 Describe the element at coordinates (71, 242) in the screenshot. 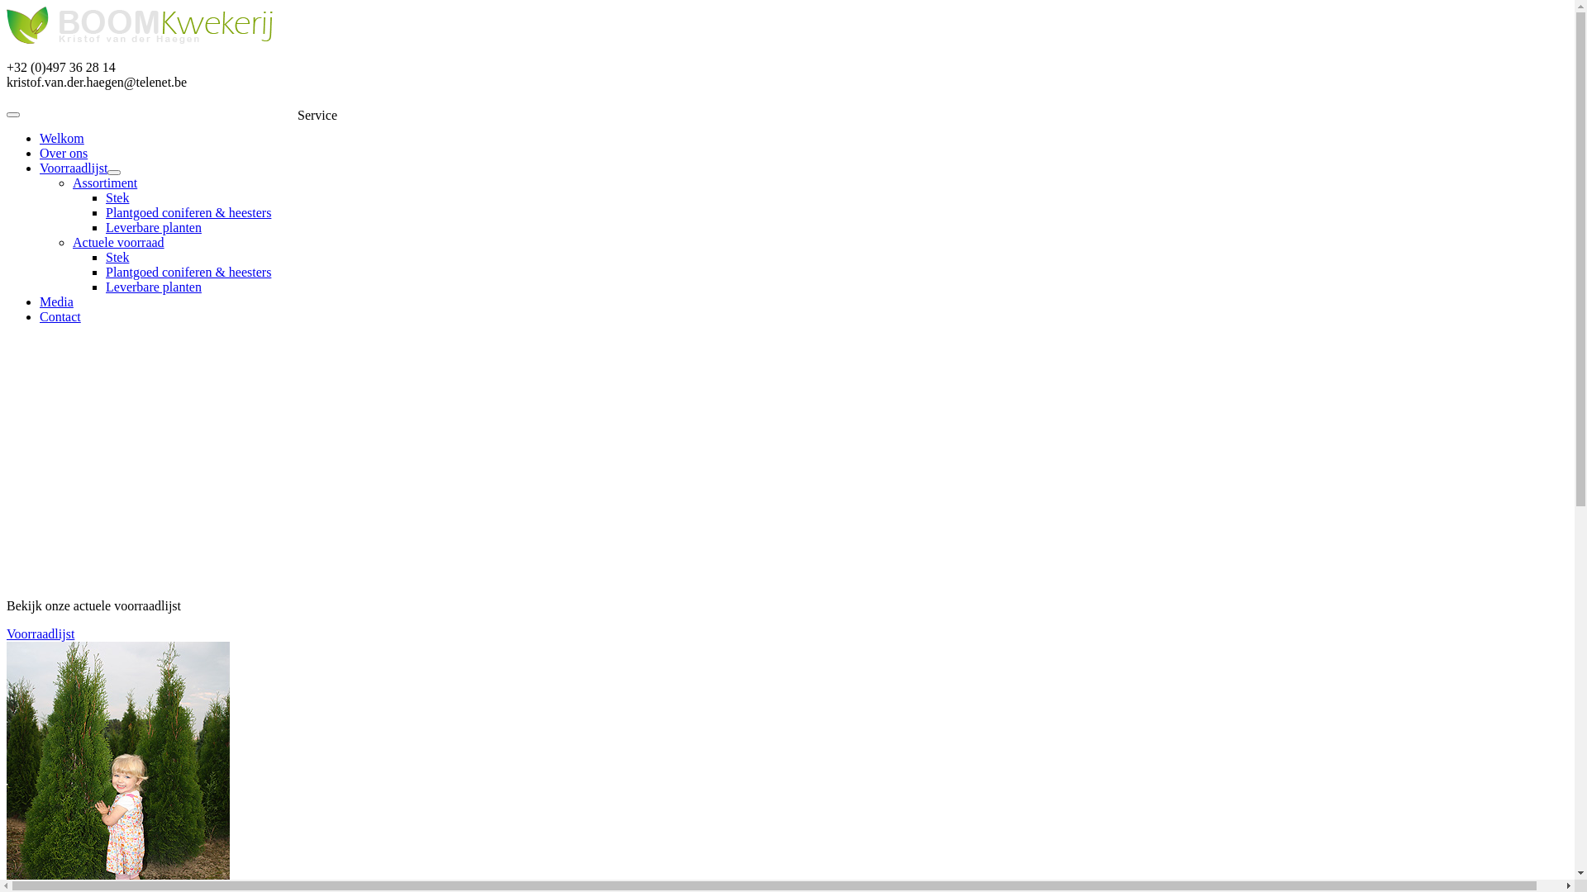

I see `'Actuele voorraad'` at that location.